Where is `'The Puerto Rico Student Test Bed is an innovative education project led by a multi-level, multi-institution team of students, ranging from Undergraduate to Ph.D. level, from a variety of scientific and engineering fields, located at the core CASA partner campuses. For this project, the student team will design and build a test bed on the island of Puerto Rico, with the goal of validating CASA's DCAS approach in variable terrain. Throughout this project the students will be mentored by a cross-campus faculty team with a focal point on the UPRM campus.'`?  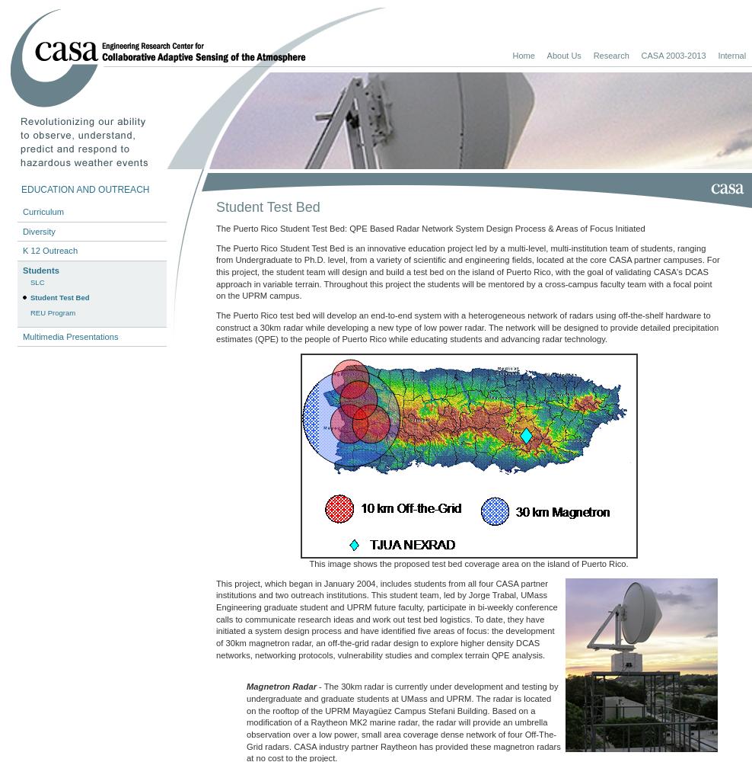
'The Puerto Rico Student Test Bed is an innovative education project led by a multi-level, multi-institution team of students, ranging from Undergraduate to Ph.D. level, from a variety of scientific and engineering fields, located at the core CASA partner campuses. For this project, the student team will design and build a test bed on the island of Puerto Rico, with the goal of validating CASA's DCAS approach in variable terrain. Throughout this project the students will be mentored by a cross-campus faculty team with a focal point on the UPRM campus.' is located at coordinates (467, 271).